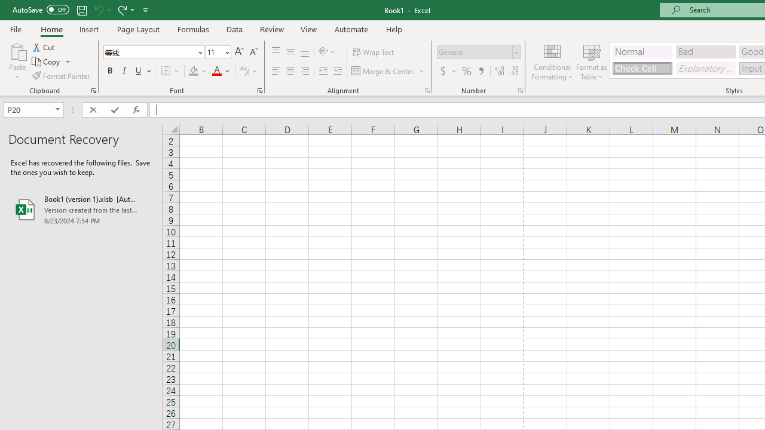 The height and width of the screenshot is (430, 765). Describe the element at coordinates (474, 51) in the screenshot. I see `'Number Format'` at that location.